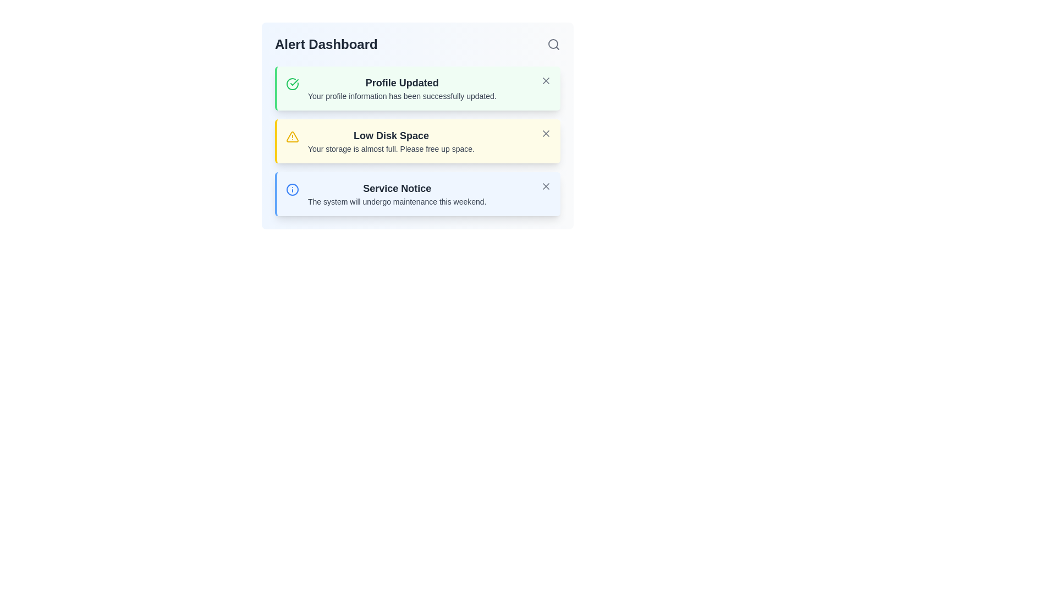  I want to click on the 'X' close button icon in the second alert box labeled 'Low Disk Space', so click(546, 133).